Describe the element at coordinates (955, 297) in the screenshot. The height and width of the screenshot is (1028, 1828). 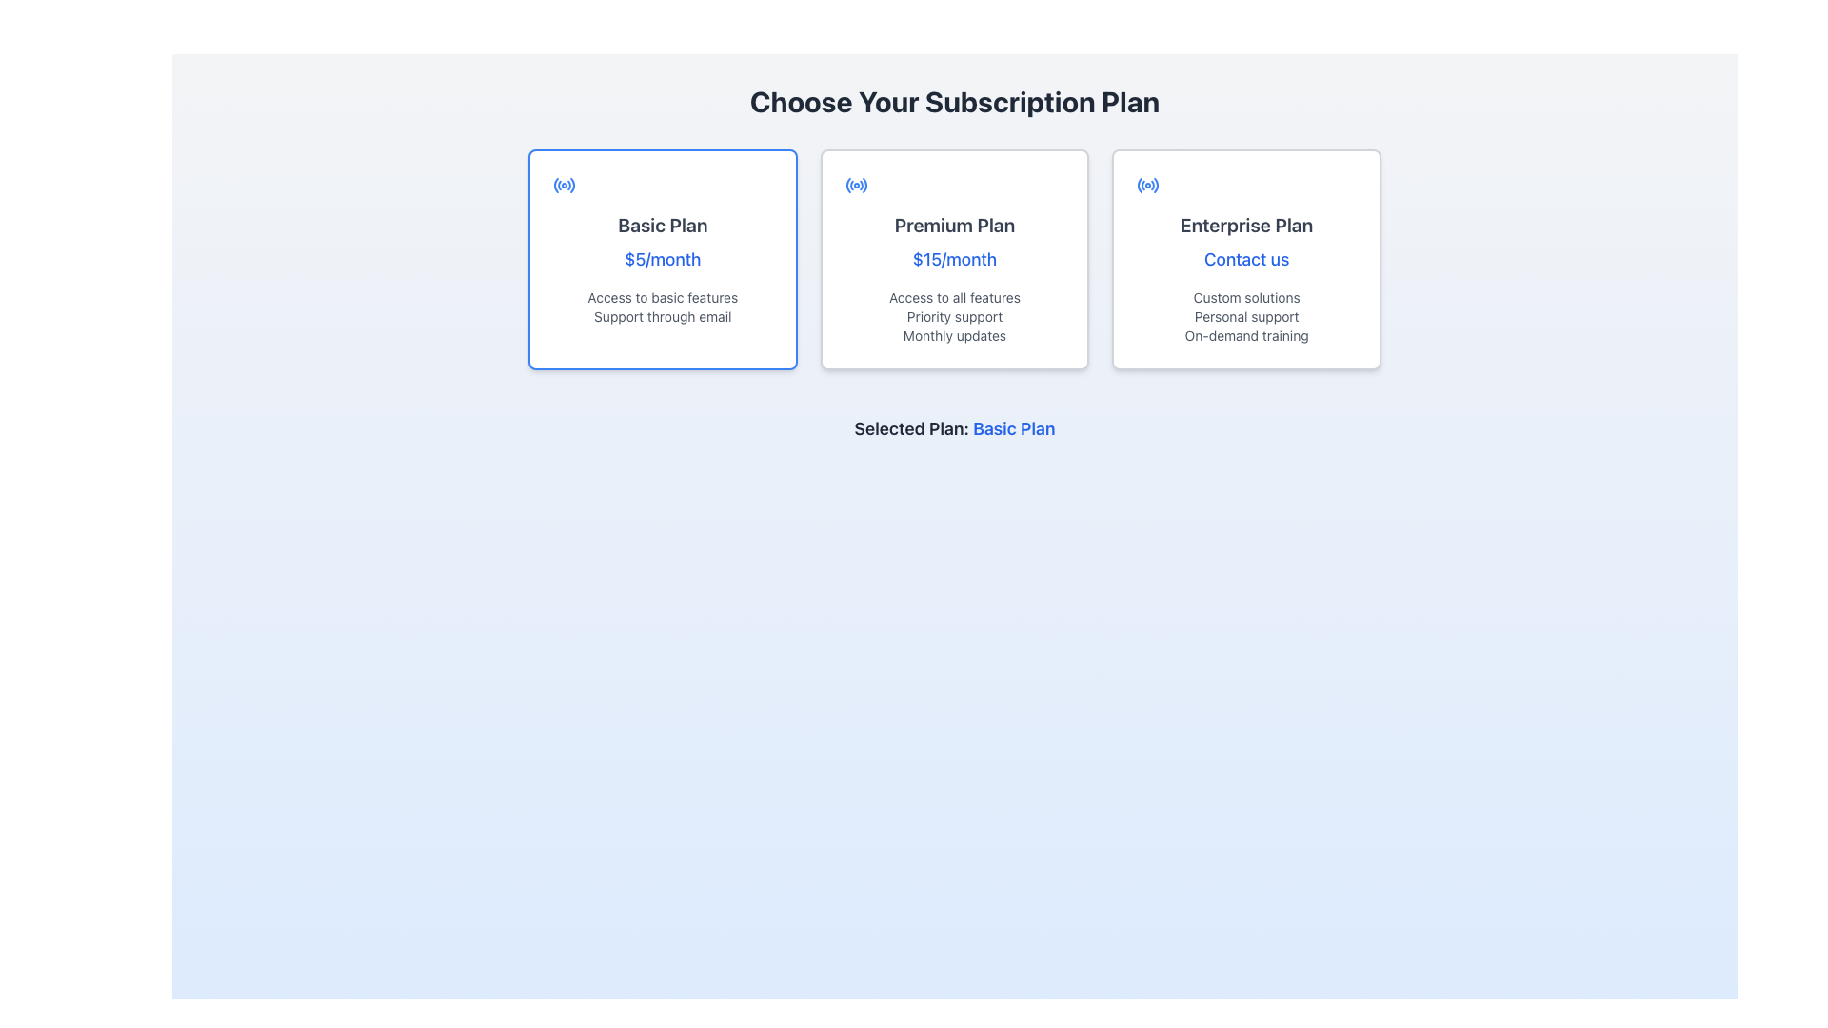
I see `the static text display that describes the 'Premium Plan', which is the first item in the vertically stacked group of descriptive points under the 'Premium Plan' card` at that location.